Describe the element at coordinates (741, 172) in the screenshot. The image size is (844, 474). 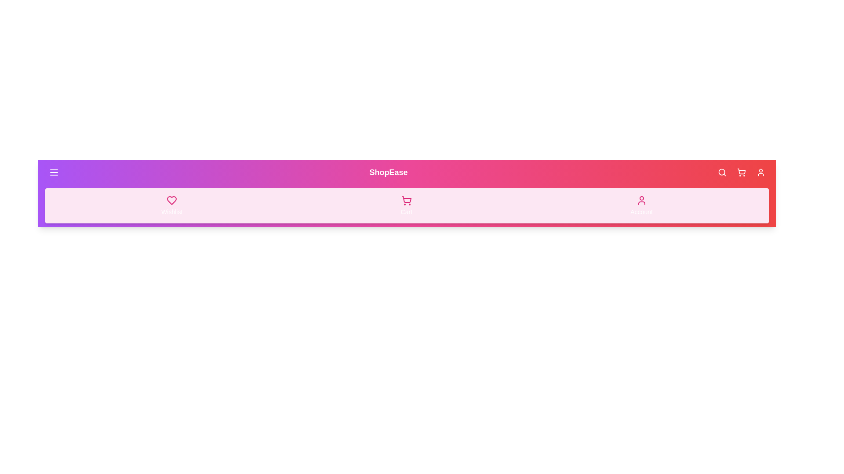
I see `the shopping cart button` at that location.